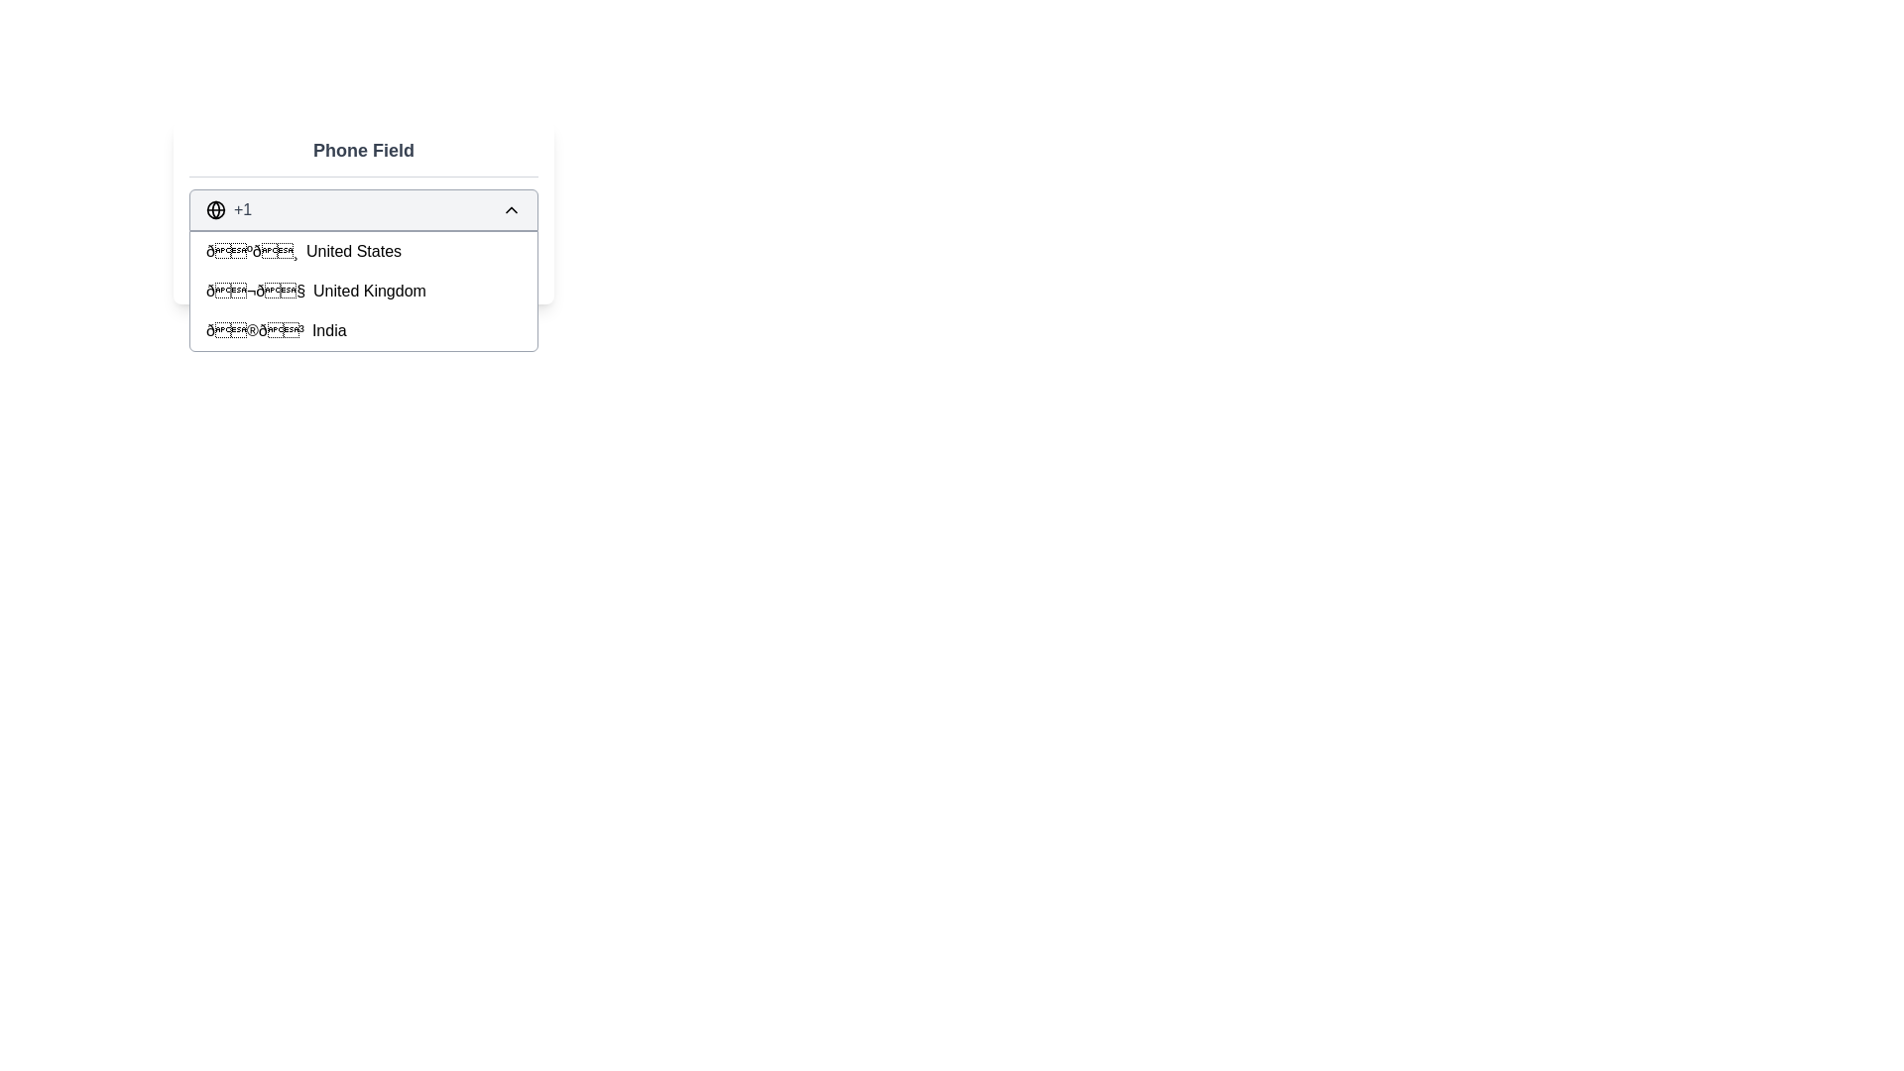 The width and height of the screenshot is (1904, 1071). I want to click on the third item in the dropdown list, so click(363, 330).